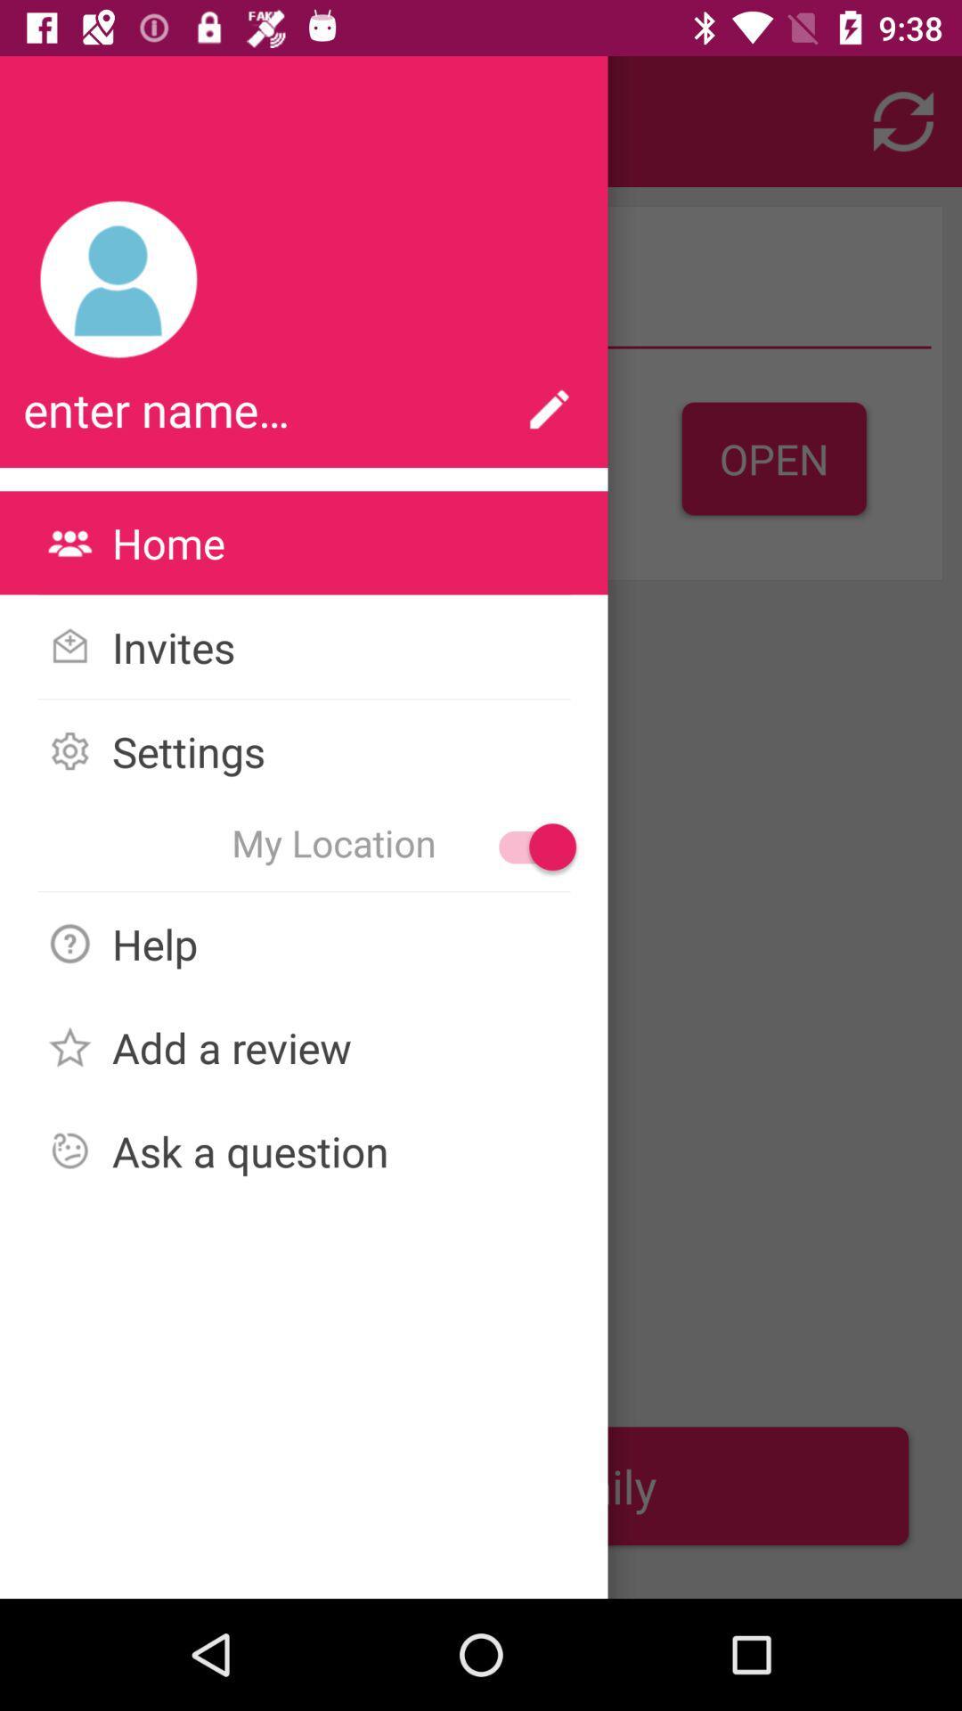 This screenshot has width=962, height=1711. Describe the element at coordinates (549, 408) in the screenshot. I see `the button which is right to enter name` at that location.